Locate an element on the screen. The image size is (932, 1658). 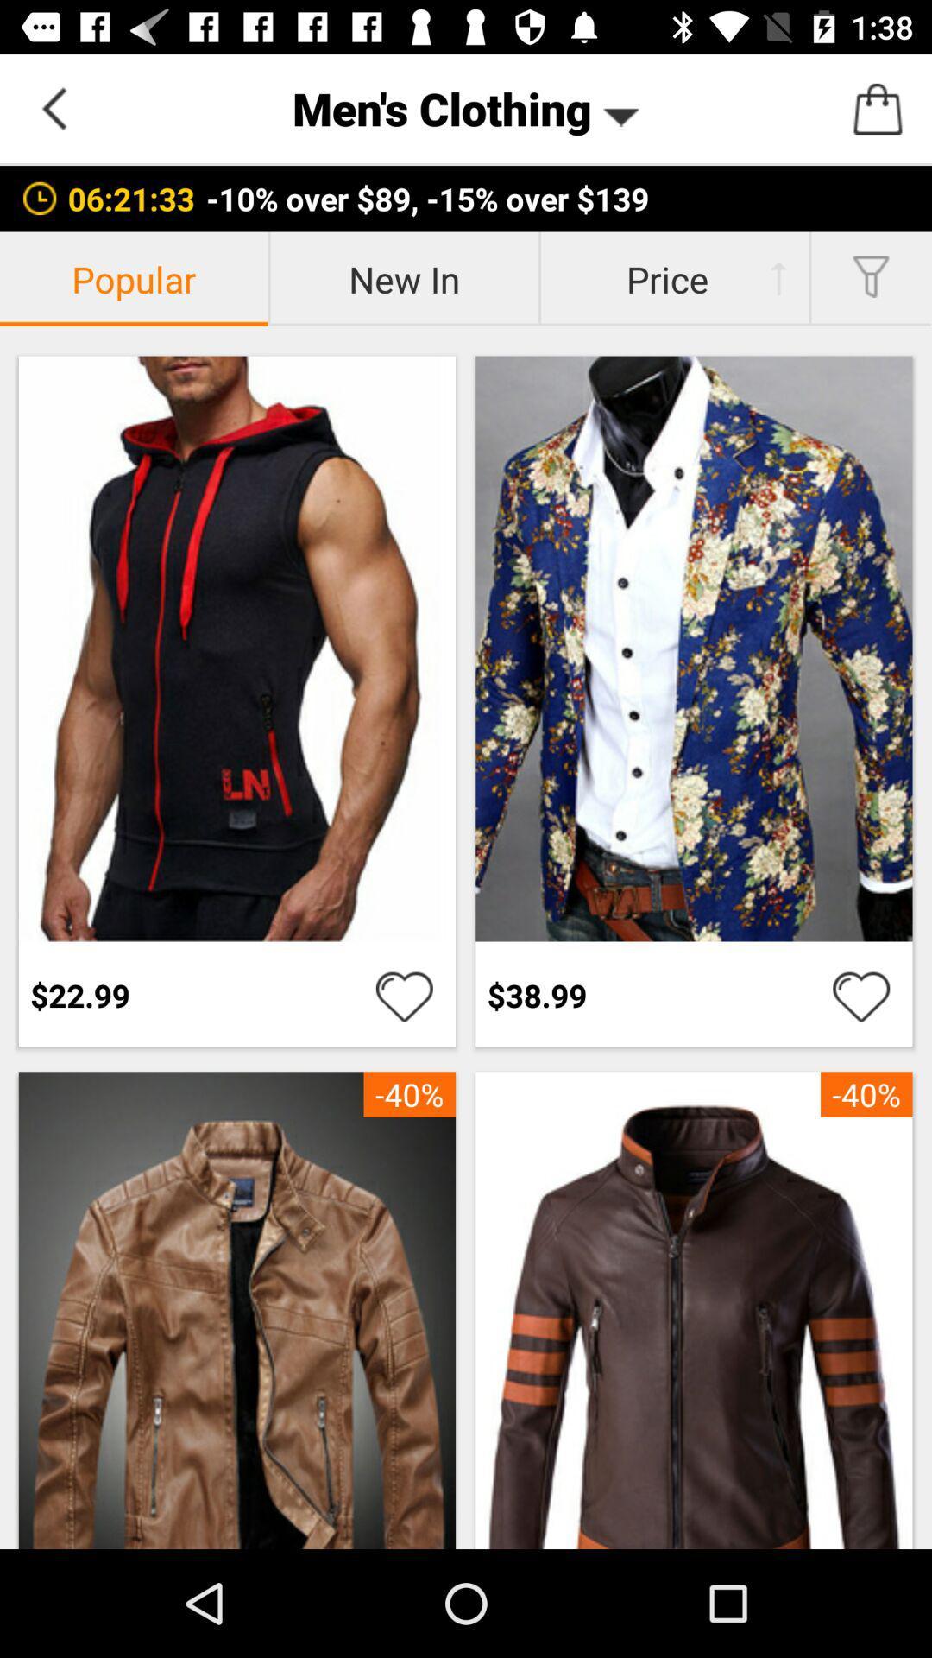
love this item is located at coordinates (861, 995).